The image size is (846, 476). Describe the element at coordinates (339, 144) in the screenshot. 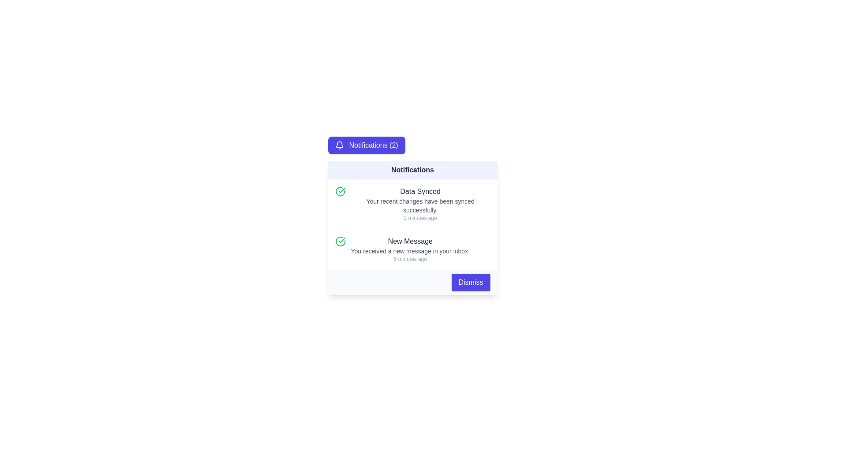

I see `the bell icon in the notification card, which is a blue SVG shape with a top hook-like feature, positioned slightly right and above the center of the notification indicator` at that location.